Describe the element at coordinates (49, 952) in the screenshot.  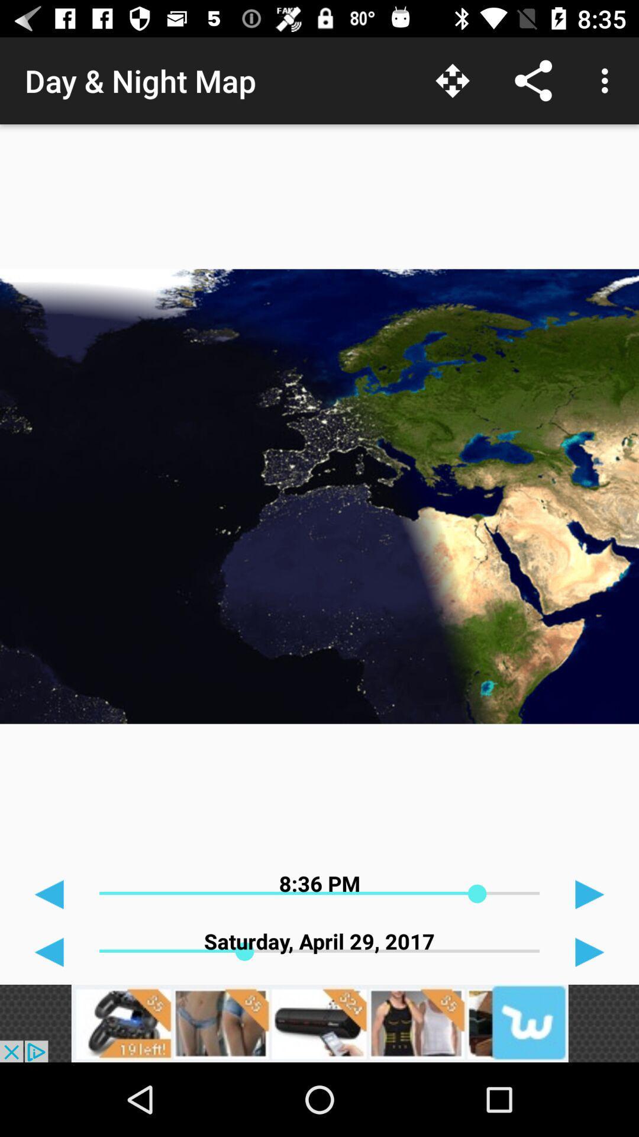
I see `the arrow_backward icon` at that location.